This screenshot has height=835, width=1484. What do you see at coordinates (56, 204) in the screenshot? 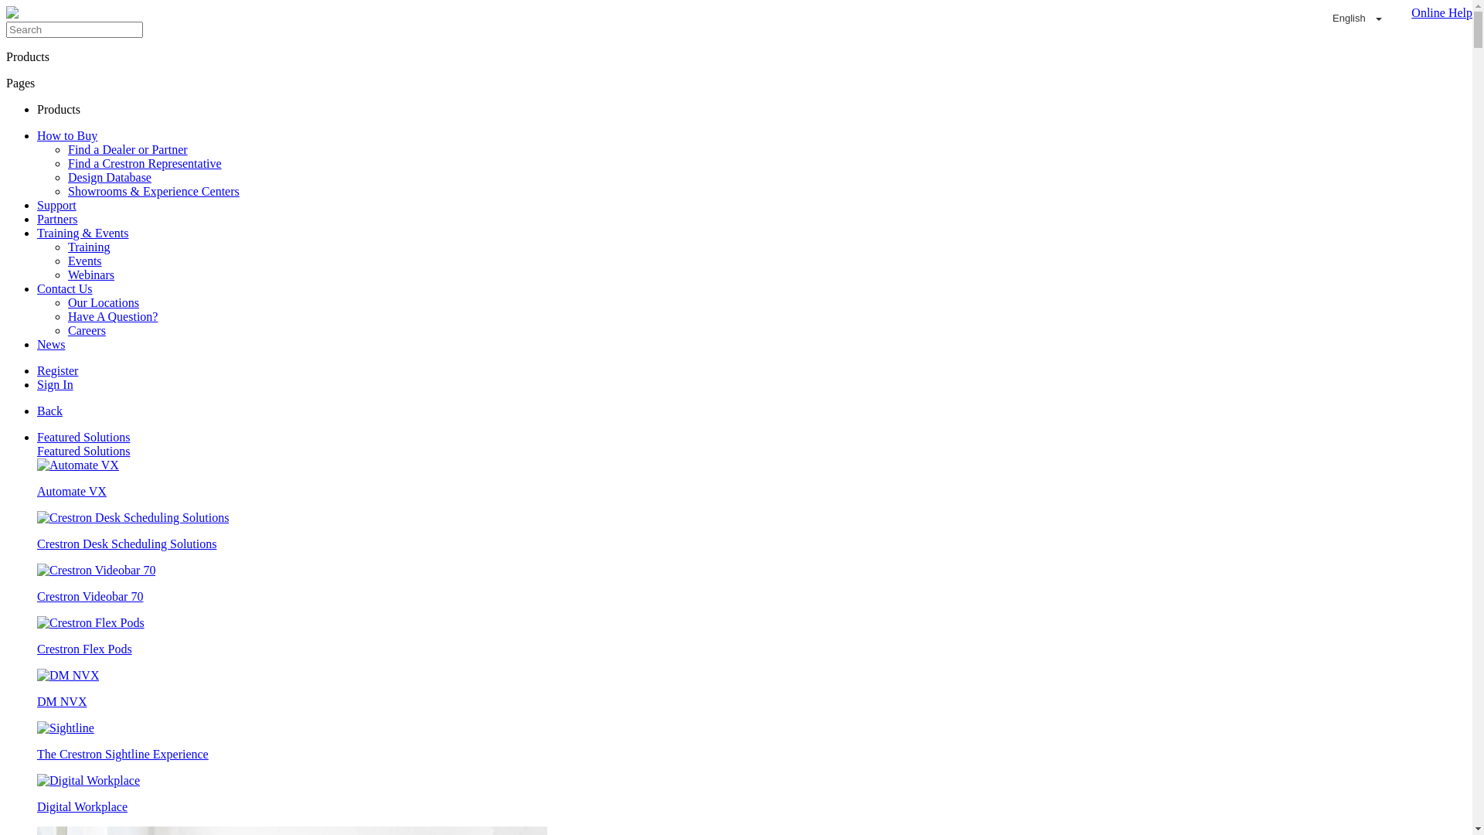
I see `'Support'` at bounding box center [56, 204].